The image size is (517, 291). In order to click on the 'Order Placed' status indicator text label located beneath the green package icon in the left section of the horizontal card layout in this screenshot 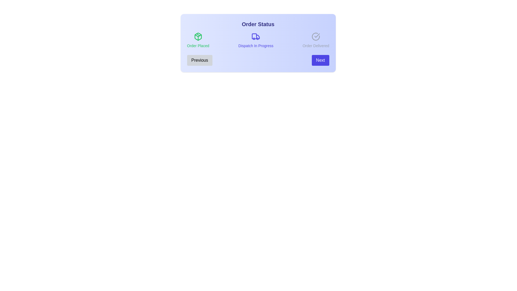, I will do `click(198, 45)`.